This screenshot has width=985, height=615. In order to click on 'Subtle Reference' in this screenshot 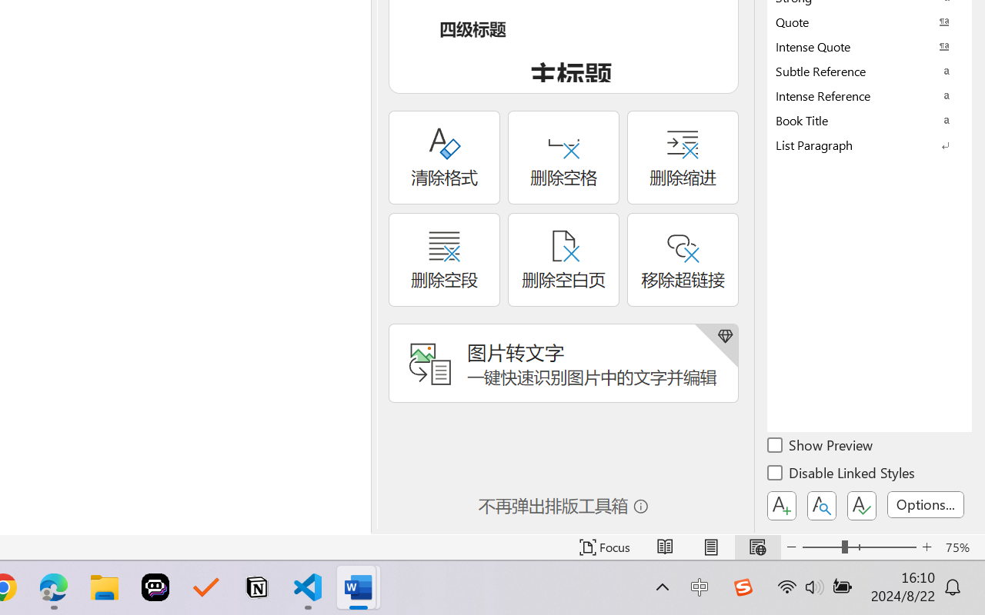, I will do `click(870, 71)`.